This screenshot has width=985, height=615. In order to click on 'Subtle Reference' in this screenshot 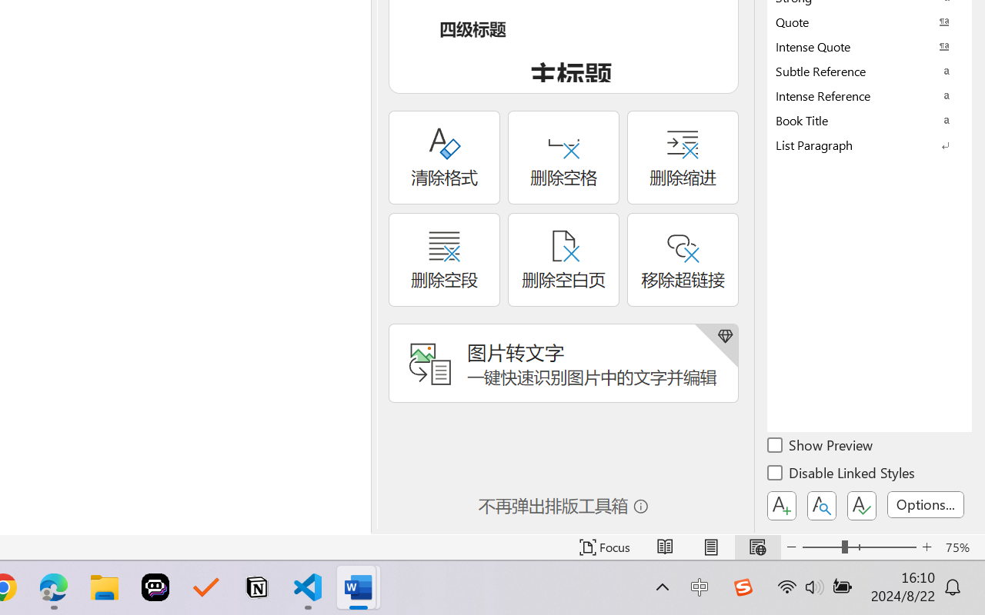, I will do `click(870, 71)`.